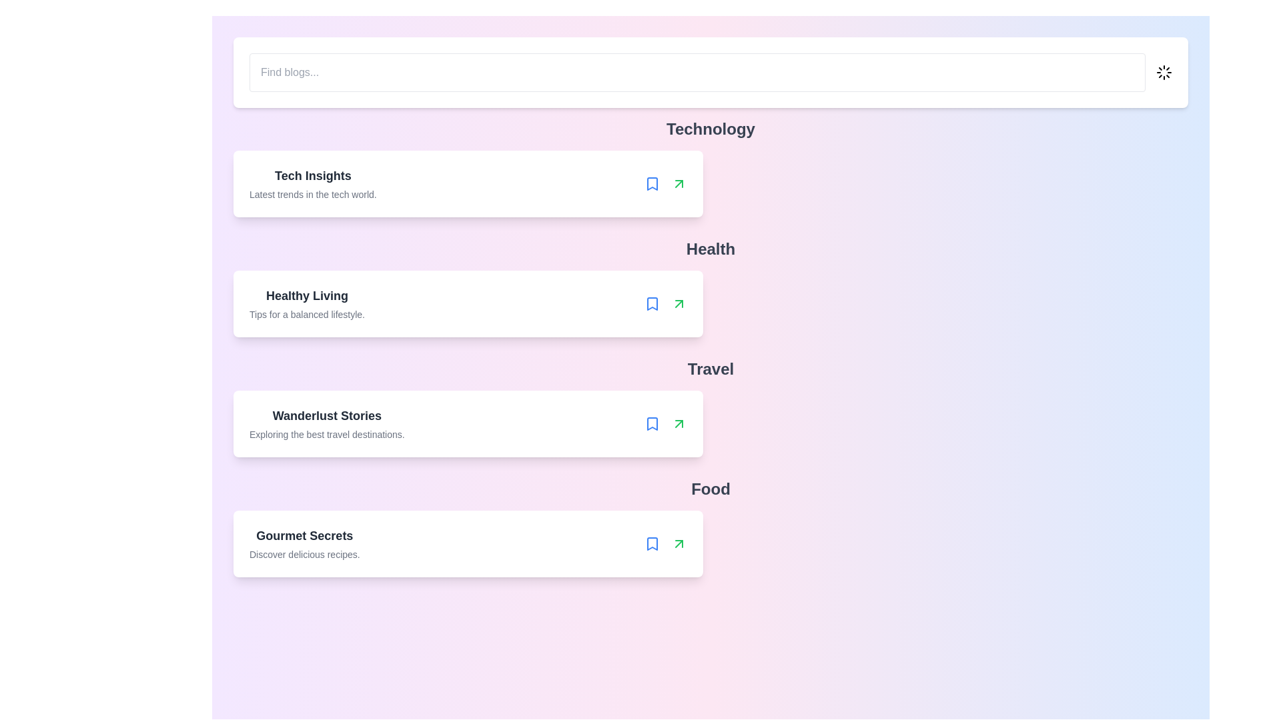  What do you see at coordinates (304, 535) in the screenshot?
I see `the Text element serving as the heading for the 'Food' section, which provides identification for the content below it` at bounding box center [304, 535].